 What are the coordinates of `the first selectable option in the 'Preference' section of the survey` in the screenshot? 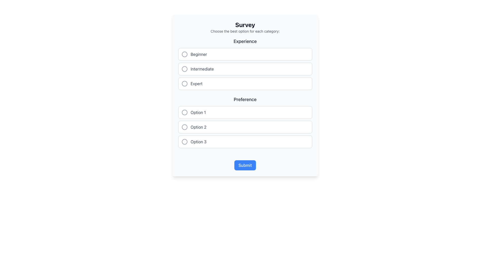 It's located at (245, 112).